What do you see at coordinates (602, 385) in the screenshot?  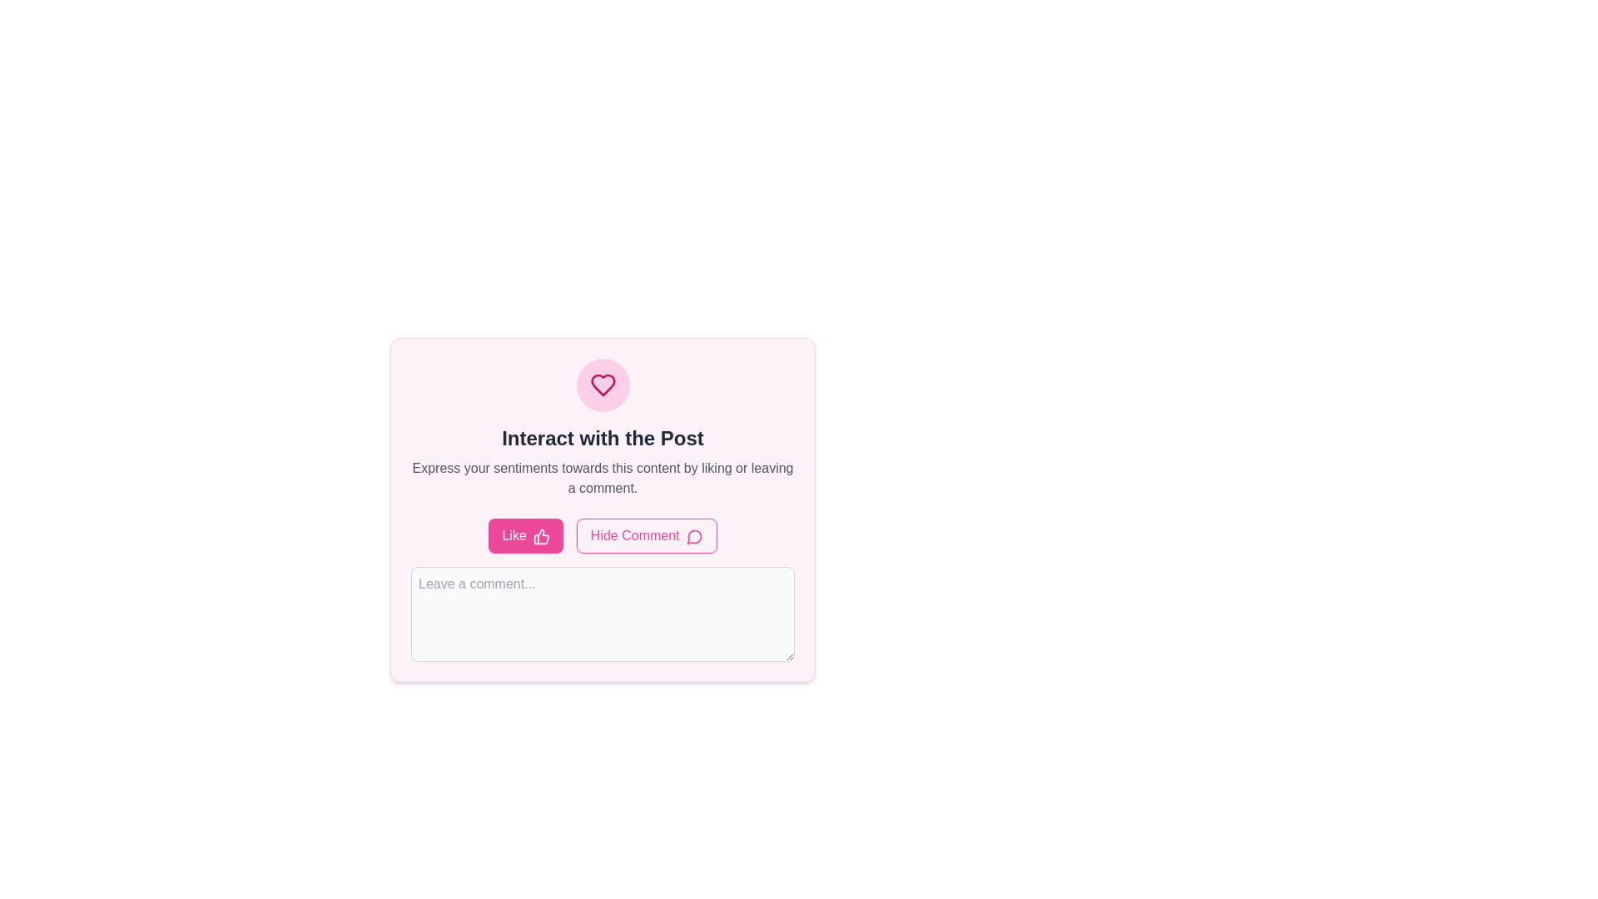 I see `the heart-shaped icon outlined in pink, located in the center of a light pink circular background above the text labeled 'Interact with the Post'` at bounding box center [602, 385].